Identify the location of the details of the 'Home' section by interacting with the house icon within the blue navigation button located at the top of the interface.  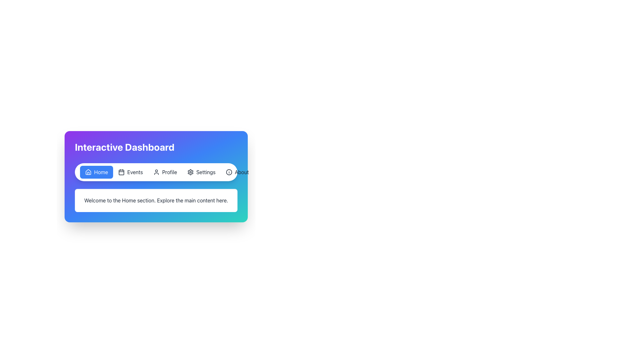
(88, 172).